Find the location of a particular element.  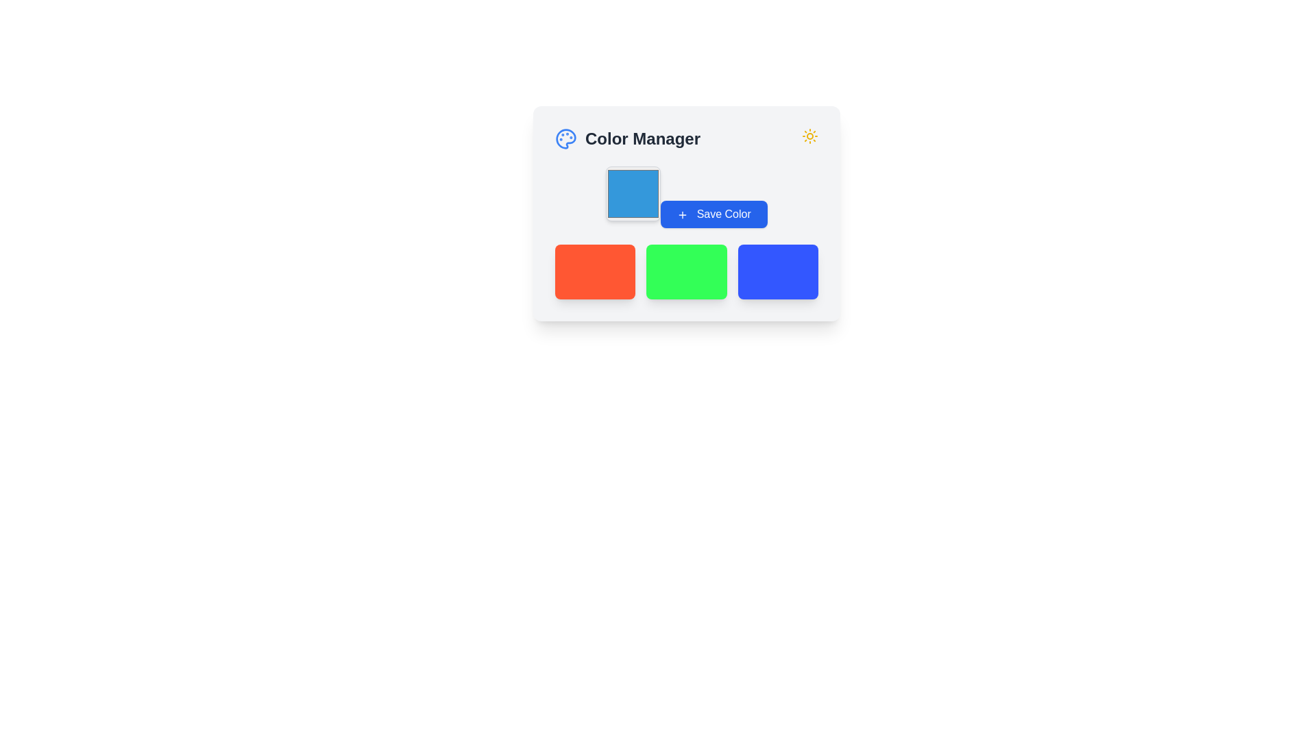

the blue color selection indicator with rounded corners located within the 'Color Manager' card is located at coordinates (633, 193).